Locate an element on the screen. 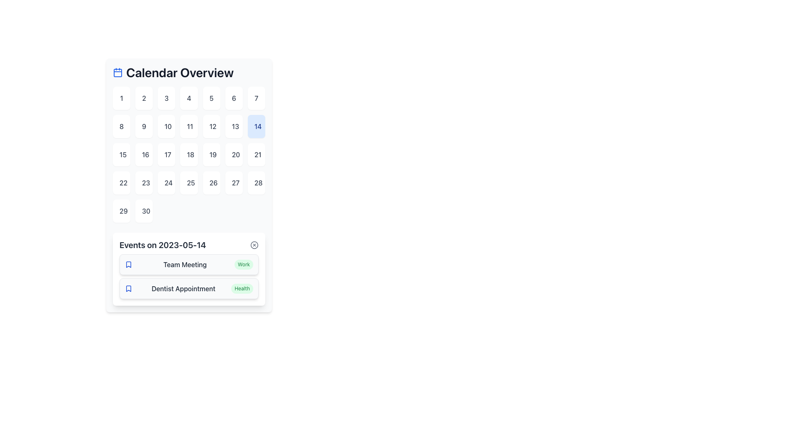 Image resolution: width=797 pixels, height=448 pixels. on the second day button in the calendar month view is located at coordinates (144, 97).